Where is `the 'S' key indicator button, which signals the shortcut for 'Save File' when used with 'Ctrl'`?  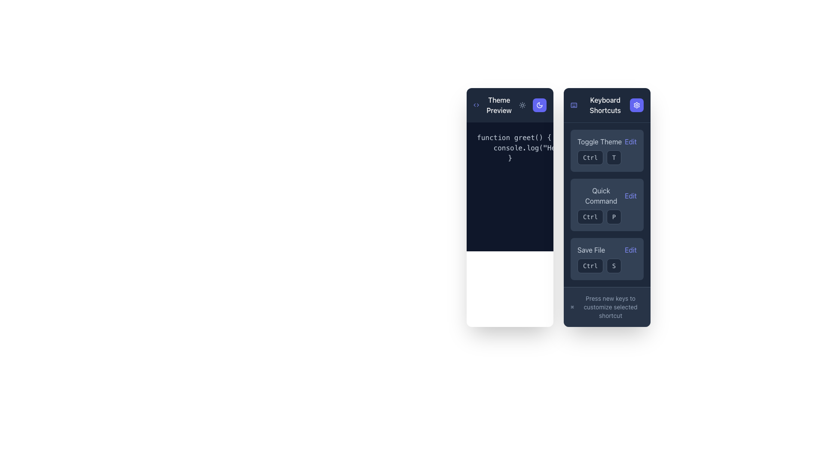
the 'S' key indicator button, which signals the shortcut for 'Save File' when used with 'Ctrl' is located at coordinates (606, 258).